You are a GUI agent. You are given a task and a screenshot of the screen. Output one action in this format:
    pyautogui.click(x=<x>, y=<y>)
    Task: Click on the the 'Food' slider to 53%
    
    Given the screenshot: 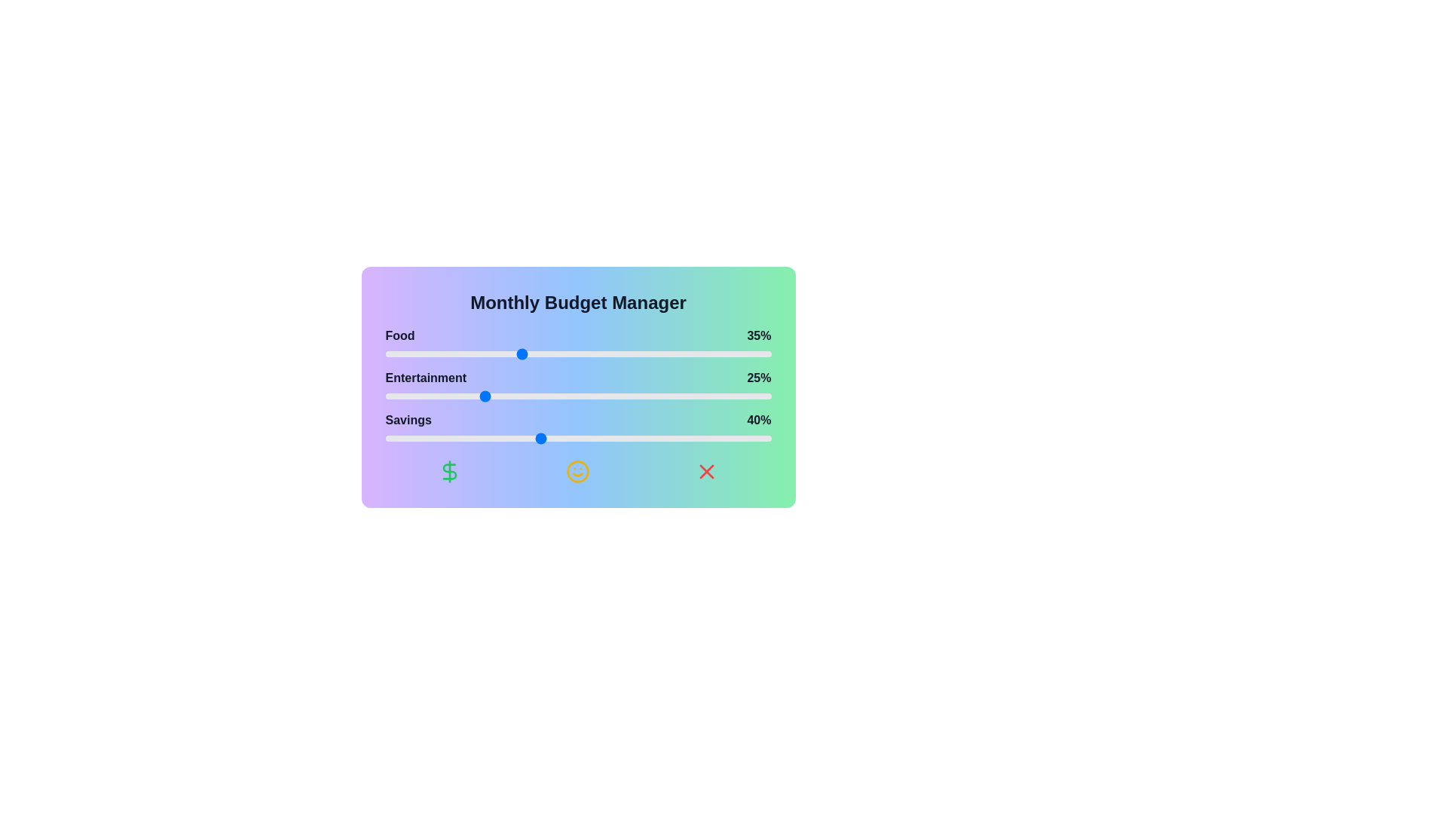 What is the action you would take?
    pyautogui.click(x=589, y=354)
    